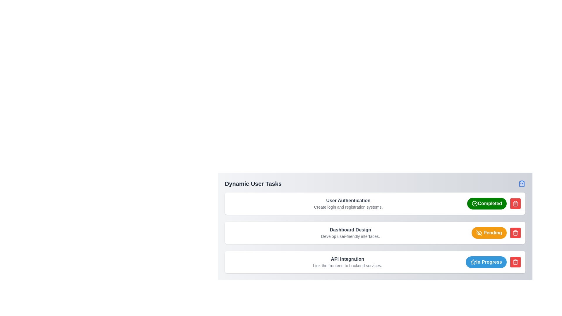 This screenshot has height=316, width=562. What do you see at coordinates (375, 203) in the screenshot?
I see `displayed text of the first task entry component located at the top of the task list, above 'Dashboard Design' and 'API Integration'` at bounding box center [375, 203].